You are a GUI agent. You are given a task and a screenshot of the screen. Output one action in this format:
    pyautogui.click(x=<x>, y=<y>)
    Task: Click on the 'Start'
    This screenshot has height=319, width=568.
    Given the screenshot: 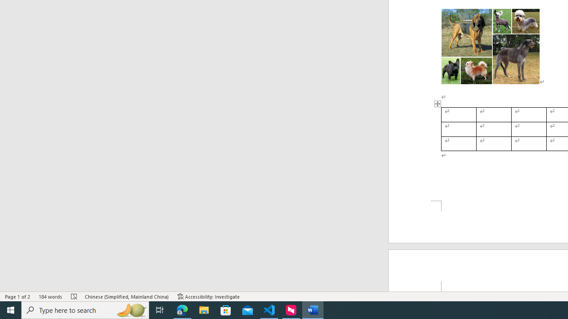 What is the action you would take?
    pyautogui.click(x=11, y=309)
    